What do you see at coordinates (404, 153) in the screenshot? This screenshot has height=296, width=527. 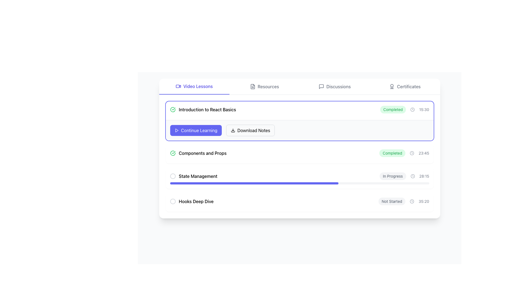 I see `the status label indicating completion of 'Introduction to React Basics' with the time '23:45', located in the 'Components and Props' section` at bounding box center [404, 153].